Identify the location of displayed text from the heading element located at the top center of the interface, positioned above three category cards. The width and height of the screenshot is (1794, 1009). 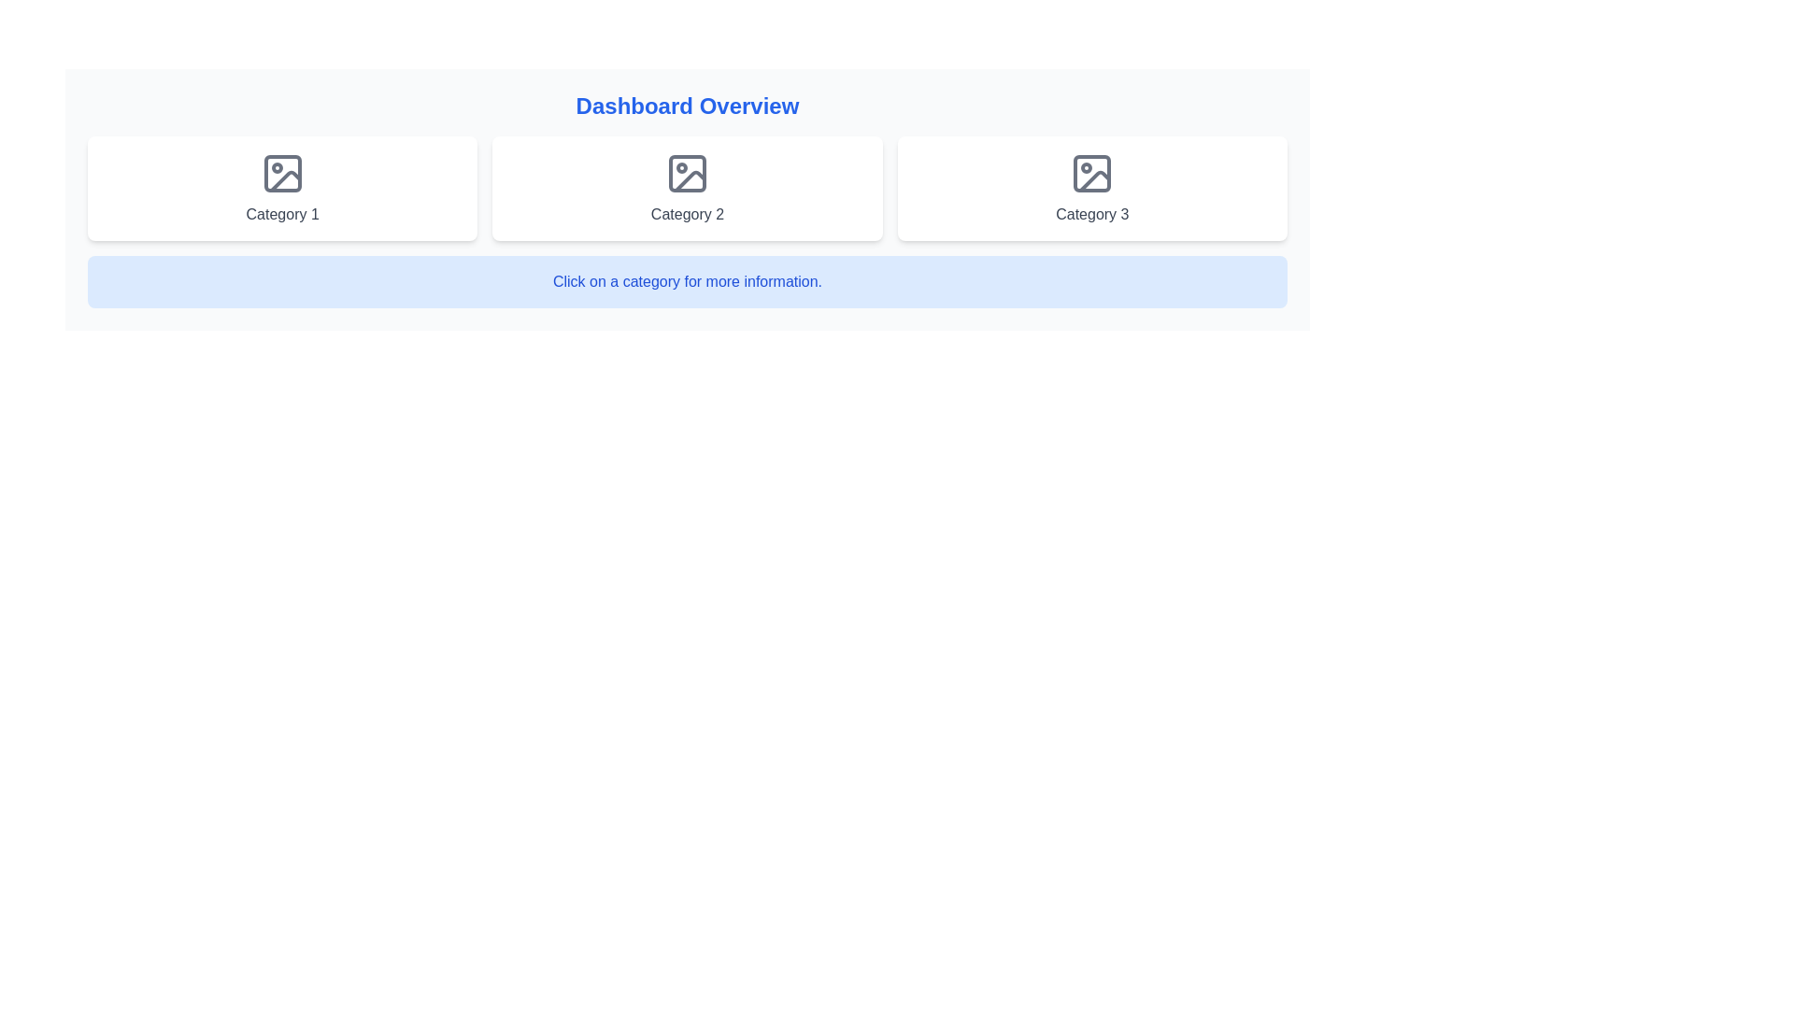
(686, 107).